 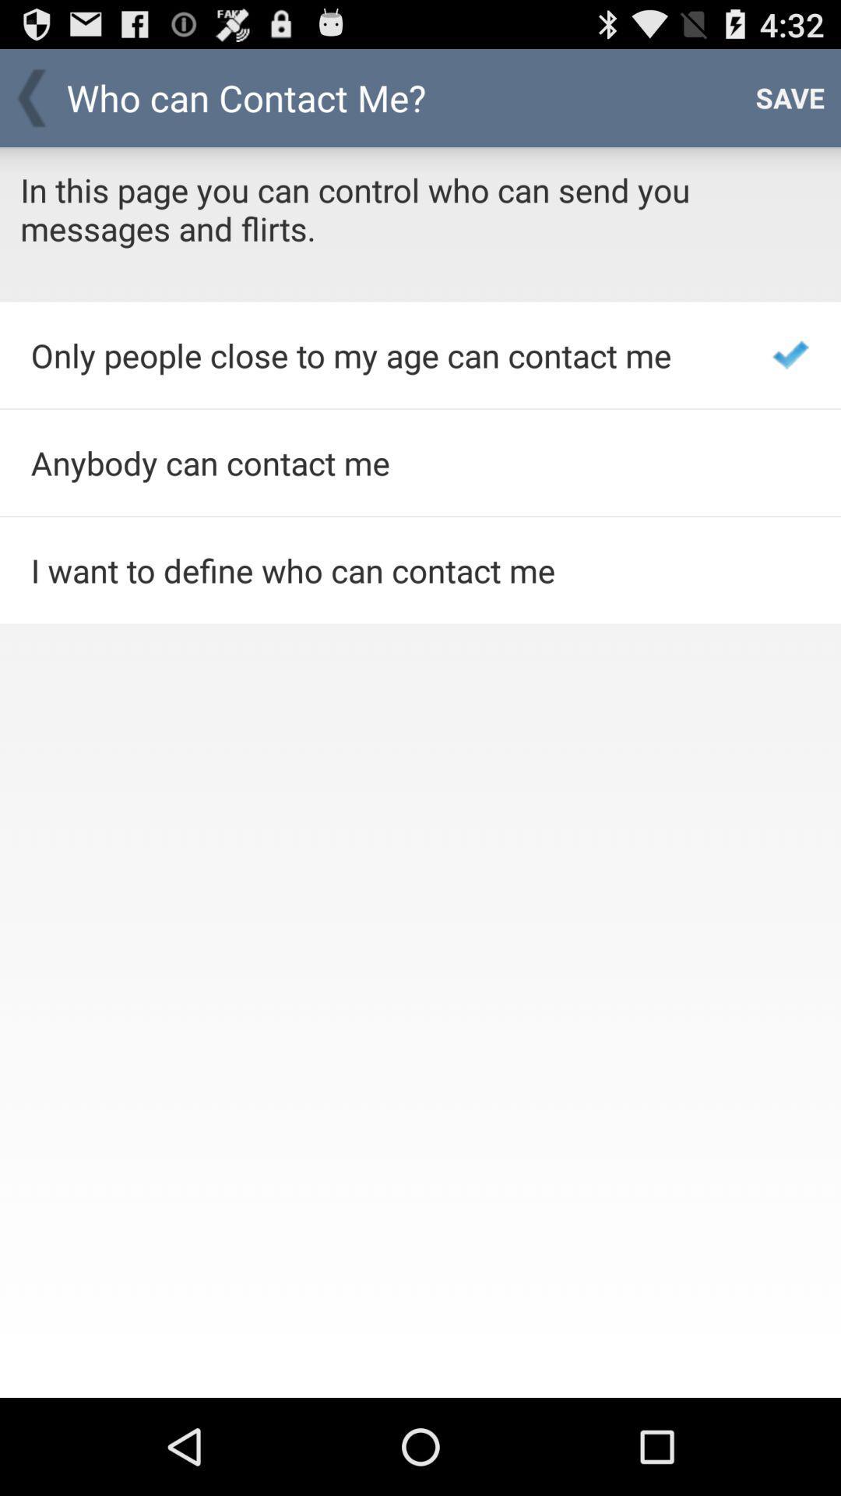 What do you see at coordinates (790, 97) in the screenshot?
I see `app next to the who can contact` at bounding box center [790, 97].